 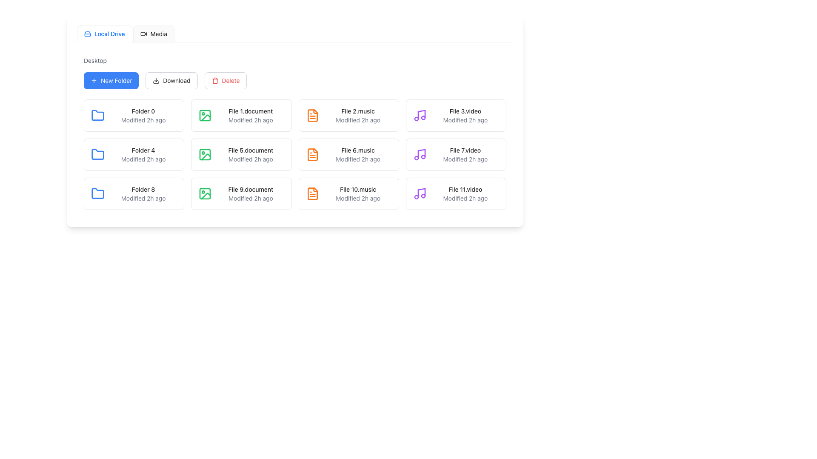 What do you see at coordinates (465, 111) in the screenshot?
I see `the text label reading 'File 3.video' in the file browser interface, which is styled in bold and changes color to blue on hover` at bounding box center [465, 111].